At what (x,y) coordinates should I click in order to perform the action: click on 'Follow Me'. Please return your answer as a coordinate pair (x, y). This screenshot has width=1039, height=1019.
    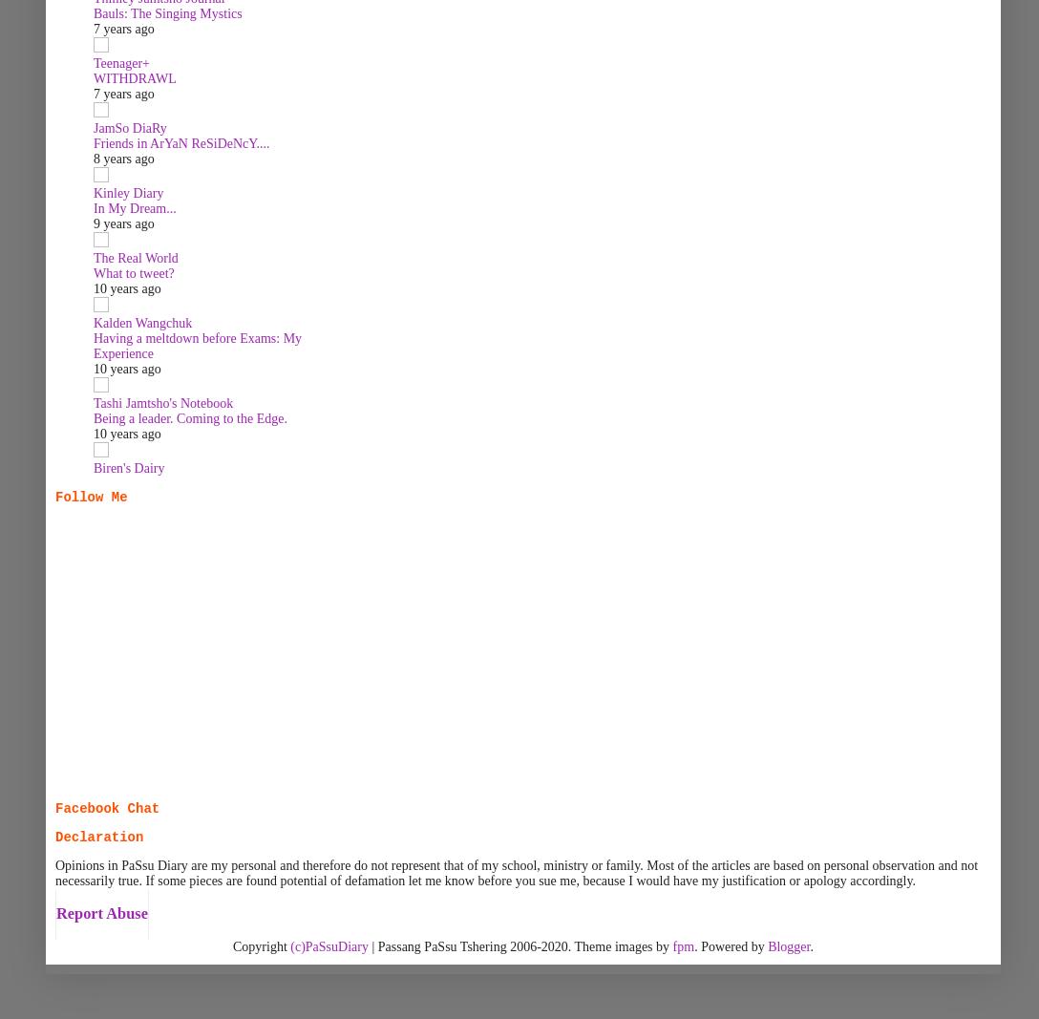
    Looking at the image, I should click on (91, 497).